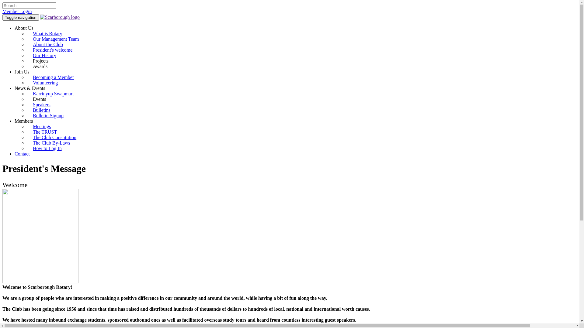 The image size is (584, 328). I want to click on 'Volunteering', so click(45, 83).